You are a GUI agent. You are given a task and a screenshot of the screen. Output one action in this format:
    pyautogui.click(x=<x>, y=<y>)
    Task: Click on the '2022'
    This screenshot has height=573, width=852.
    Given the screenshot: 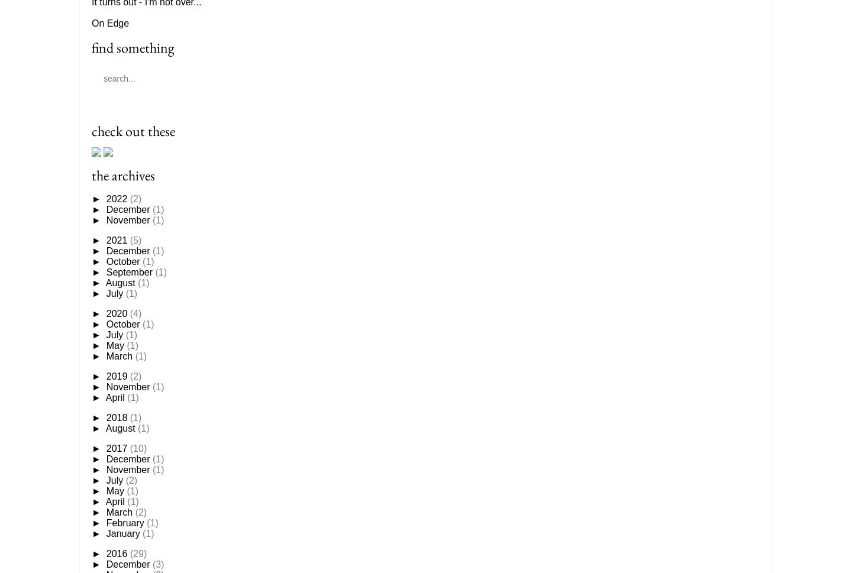 What is the action you would take?
    pyautogui.click(x=118, y=198)
    